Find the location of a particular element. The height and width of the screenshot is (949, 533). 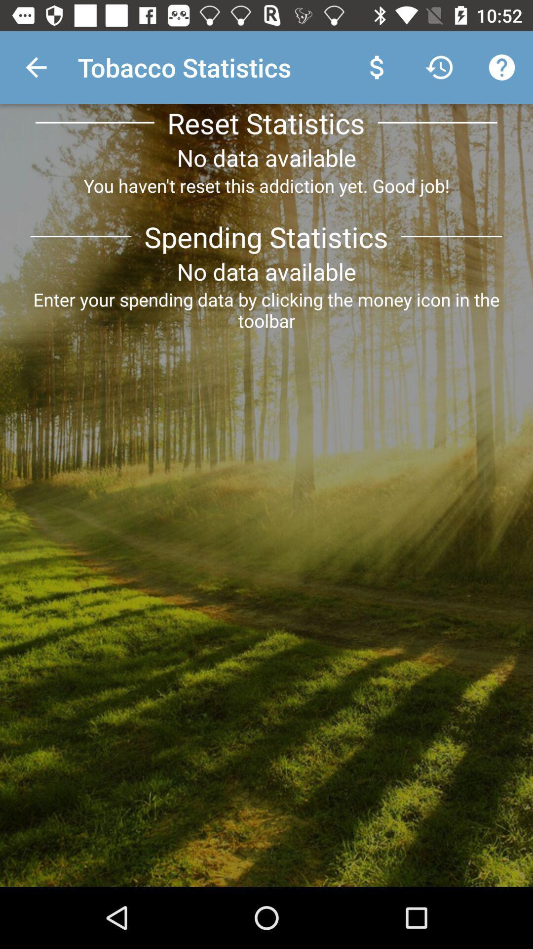

the item next to the tobacco statistics icon is located at coordinates (36, 67).